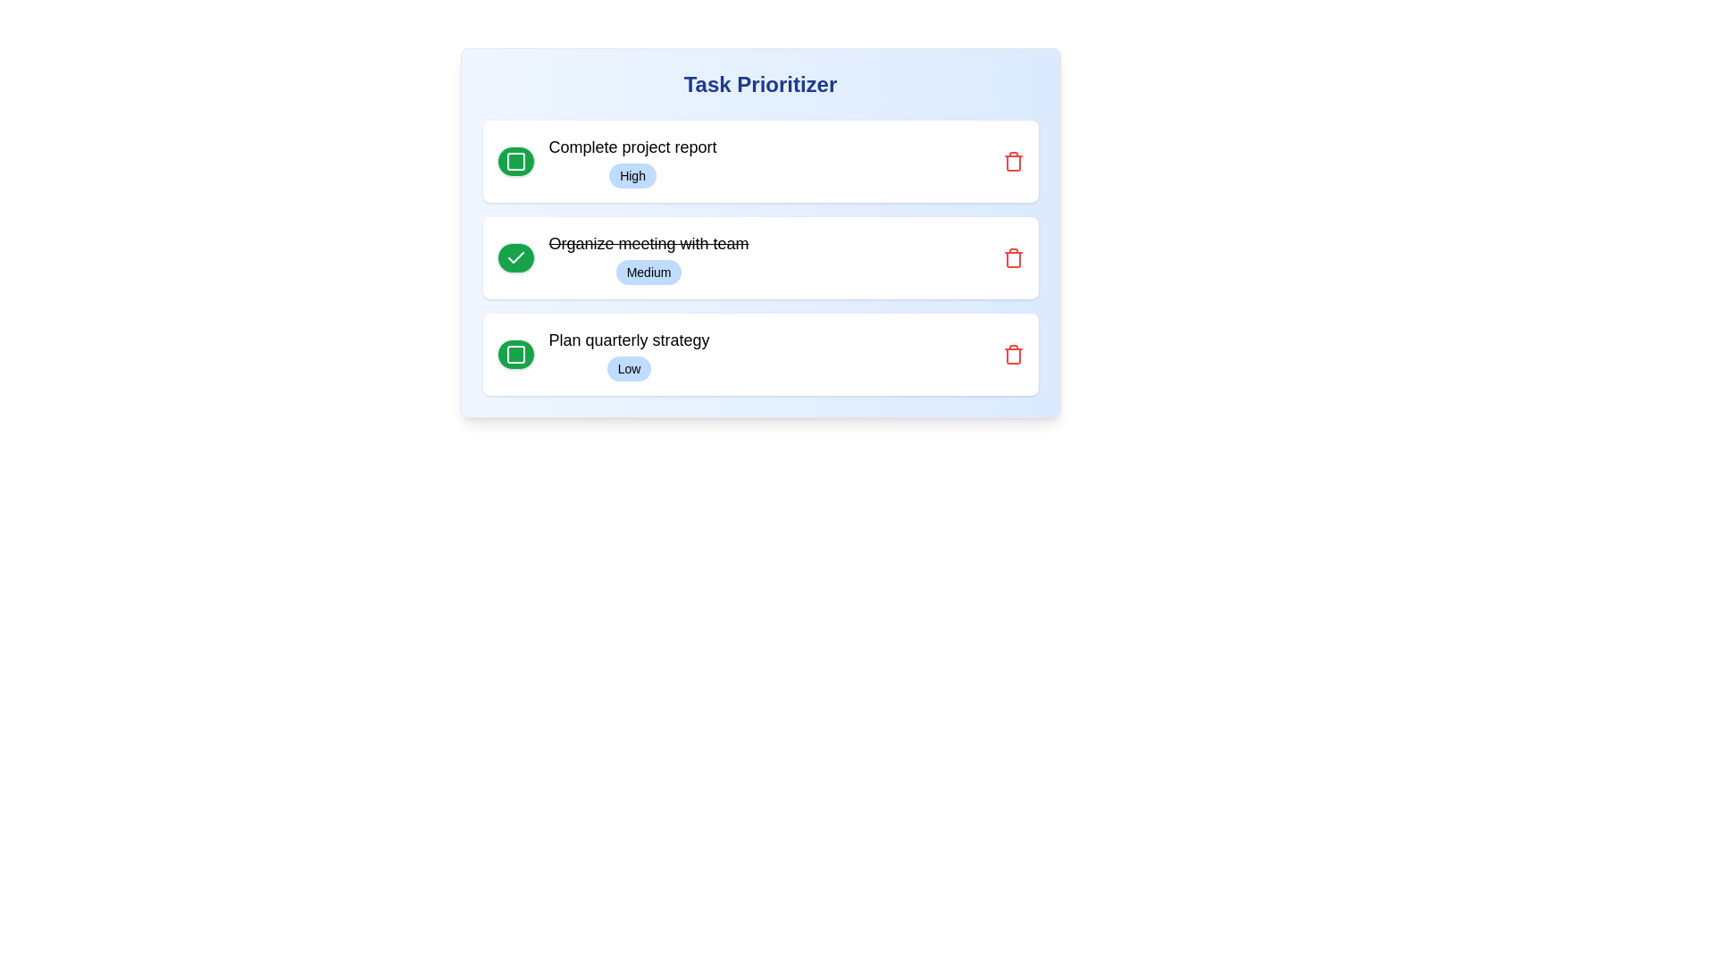  What do you see at coordinates (629, 355) in the screenshot?
I see `the associated checkbox of the last task item in the 'Task Prioritizer' interface to mark the task with 'Low' priority as done` at bounding box center [629, 355].